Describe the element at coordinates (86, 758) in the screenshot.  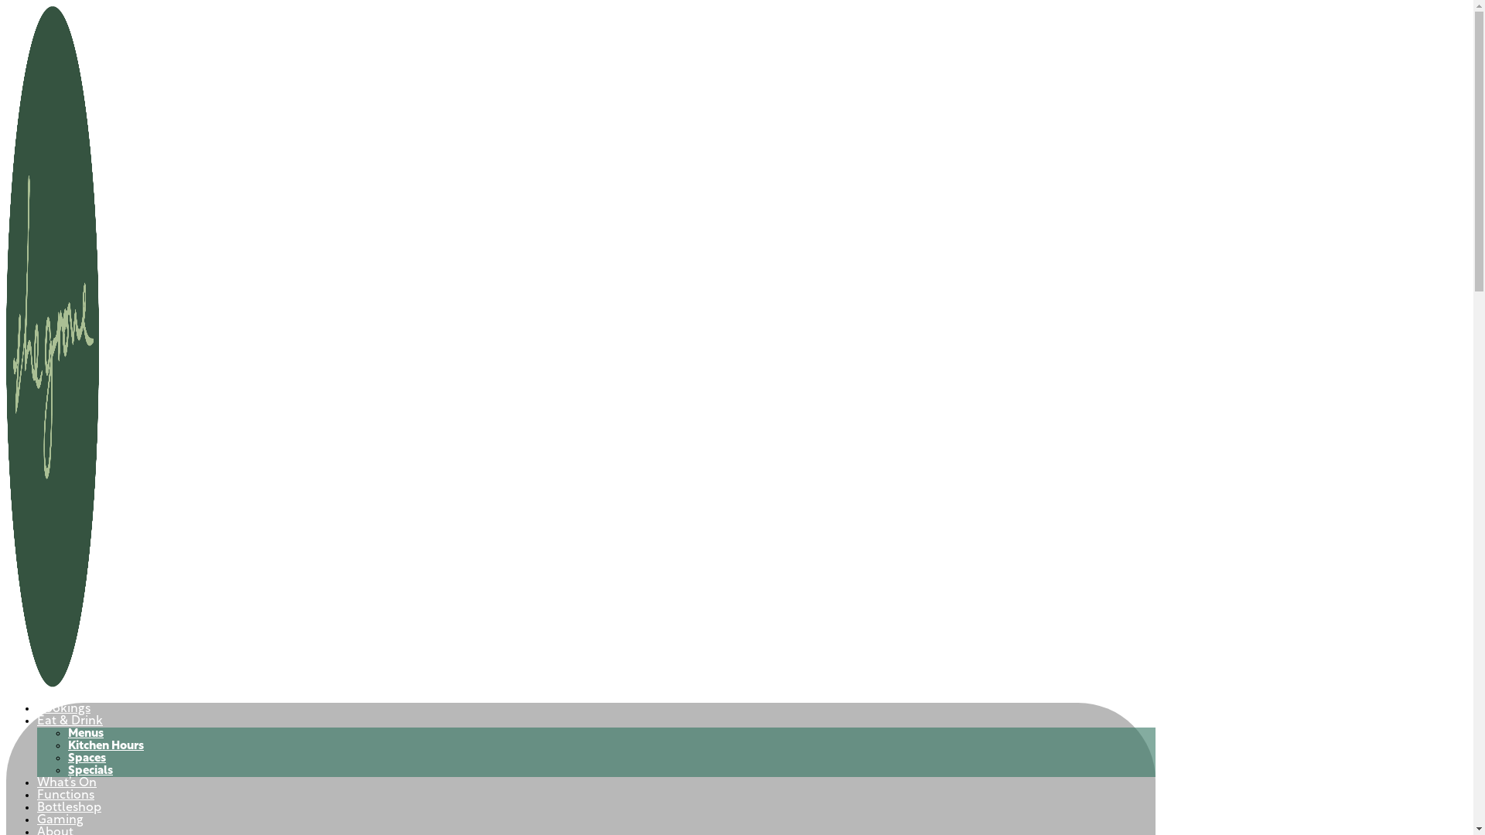
I see `'Spaces'` at that location.